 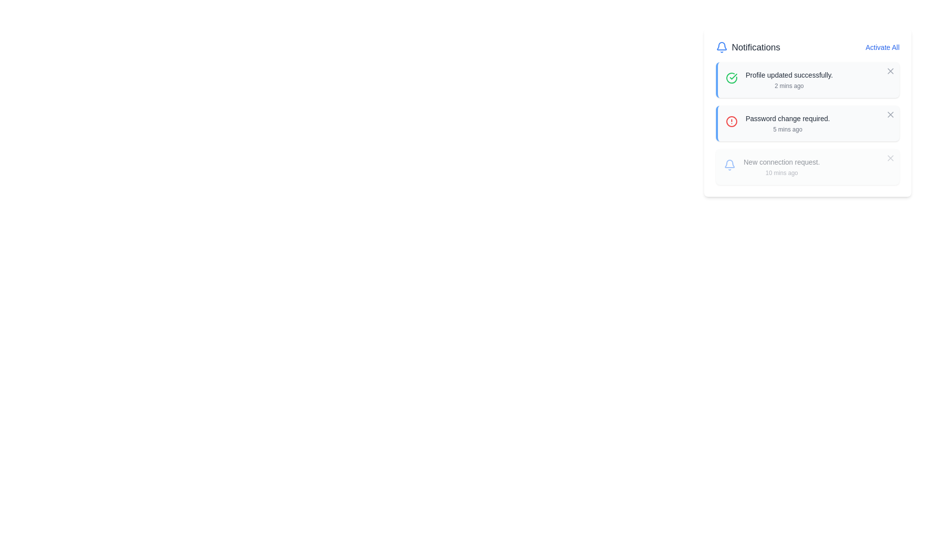 What do you see at coordinates (731, 121) in the screenshot?
I see `the red circular part of the warning icon located inside the second notification item in the dropdown` at bounding box center [731, 121].